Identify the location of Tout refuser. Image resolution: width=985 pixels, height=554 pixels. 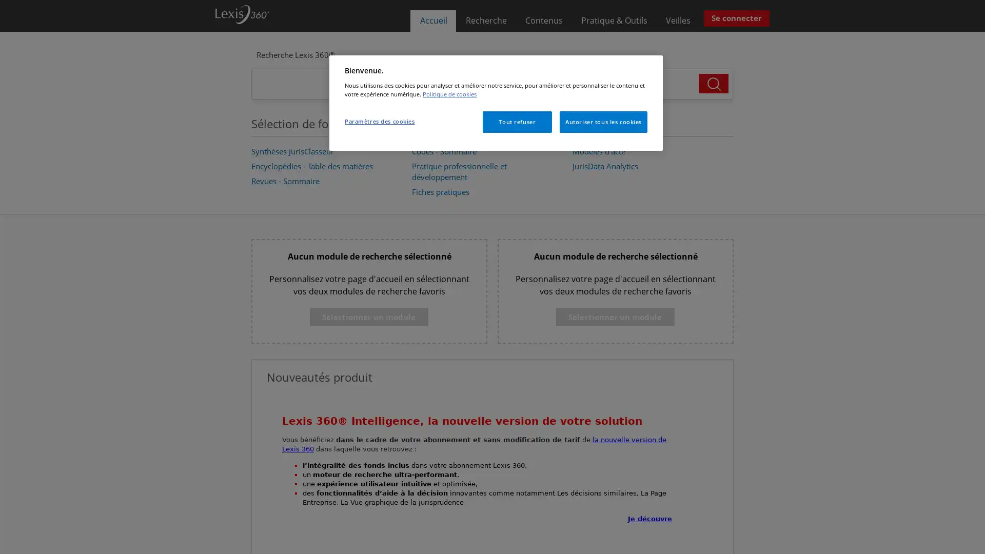
(517, 121).